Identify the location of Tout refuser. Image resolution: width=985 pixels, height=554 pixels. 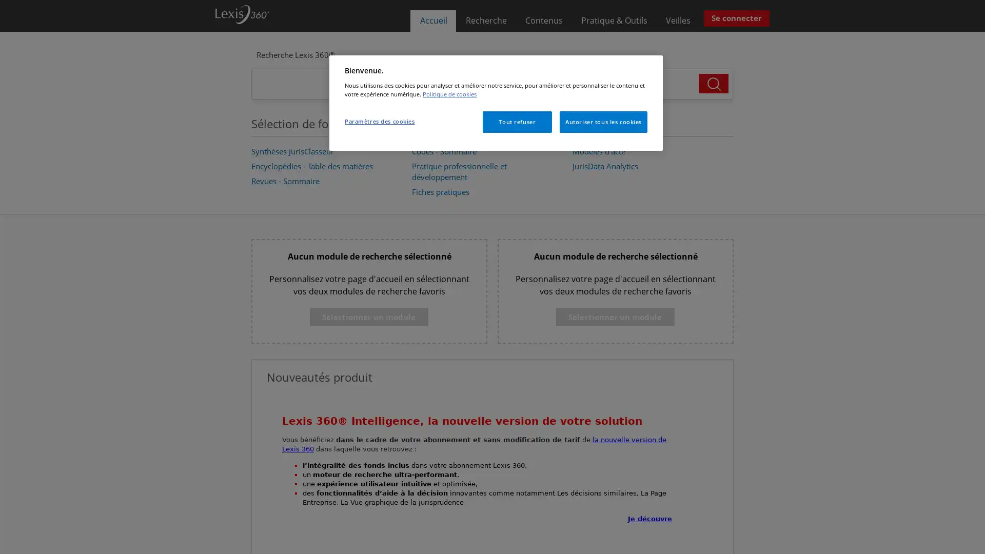
(517, 121).